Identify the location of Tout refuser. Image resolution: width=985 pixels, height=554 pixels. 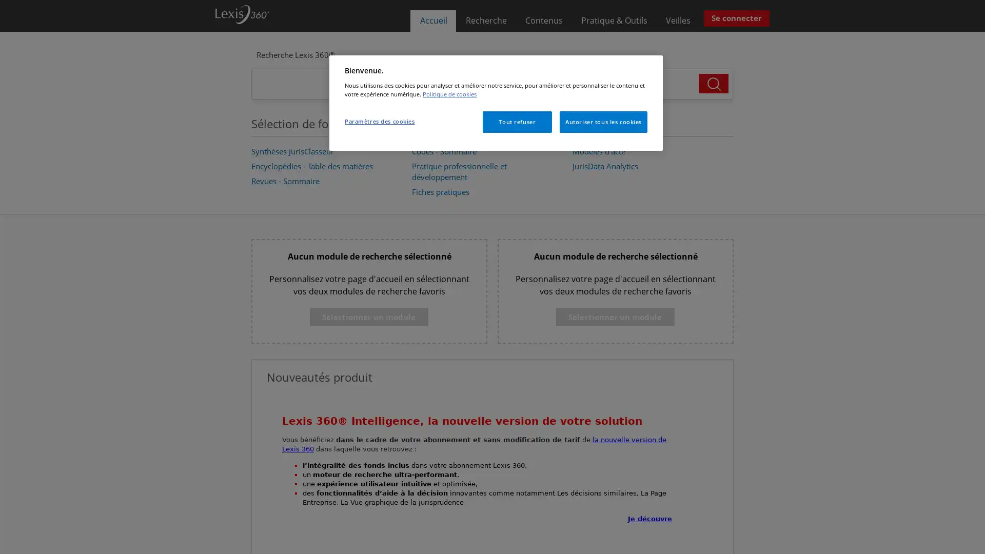
(517, 121).